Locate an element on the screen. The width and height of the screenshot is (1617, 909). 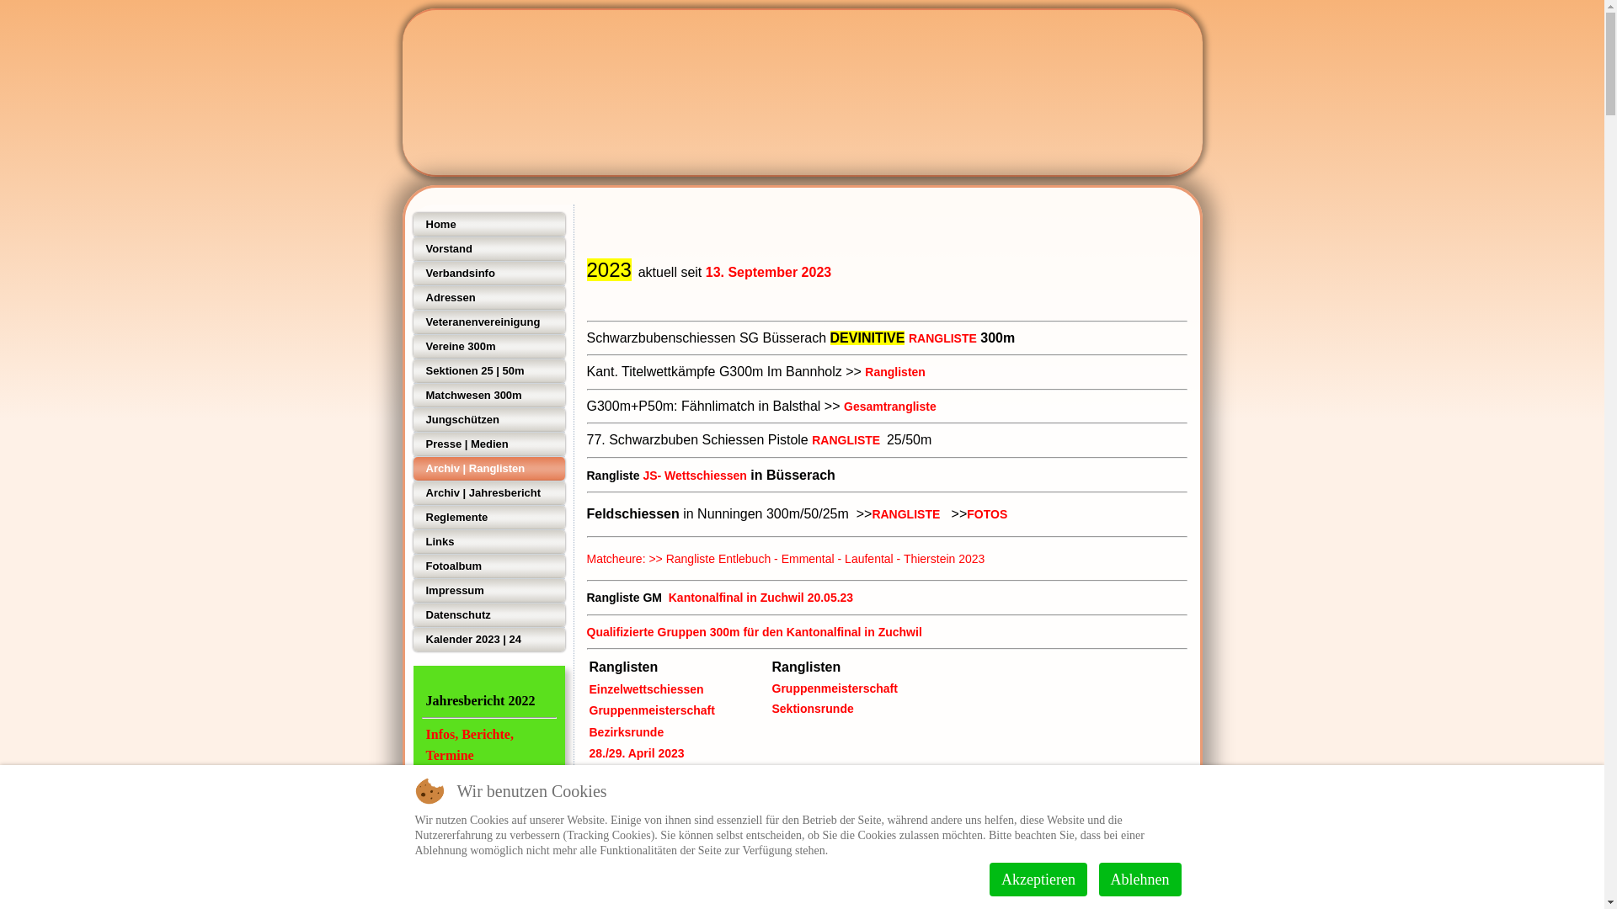
'Ablehnen' is located at coordinates (1099, 879).